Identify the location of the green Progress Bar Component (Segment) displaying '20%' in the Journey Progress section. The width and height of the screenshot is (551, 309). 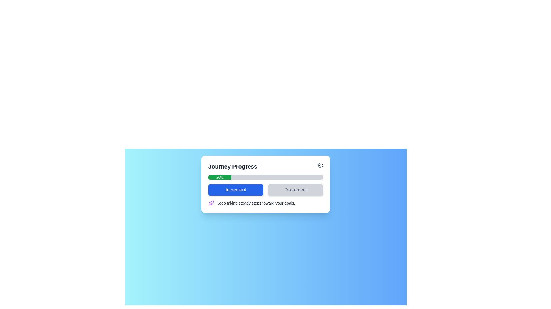
(220, 177).